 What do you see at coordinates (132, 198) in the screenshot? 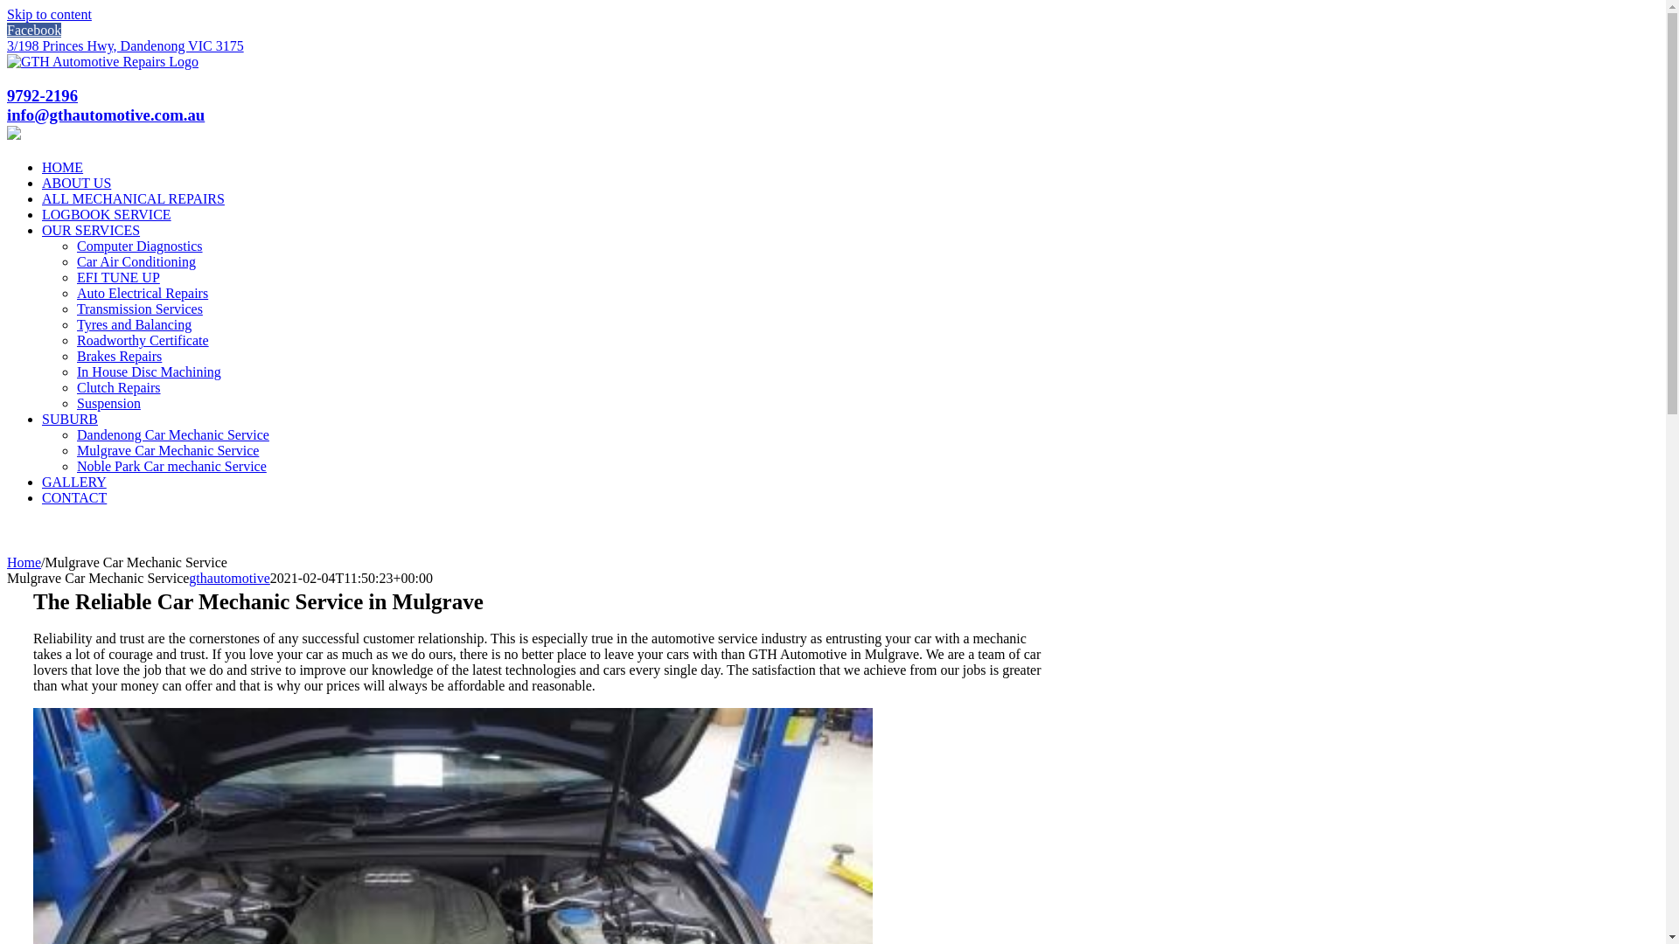
I see `'ALL MECHANICAL REPAIRS'` at bounding box center [132, 198].